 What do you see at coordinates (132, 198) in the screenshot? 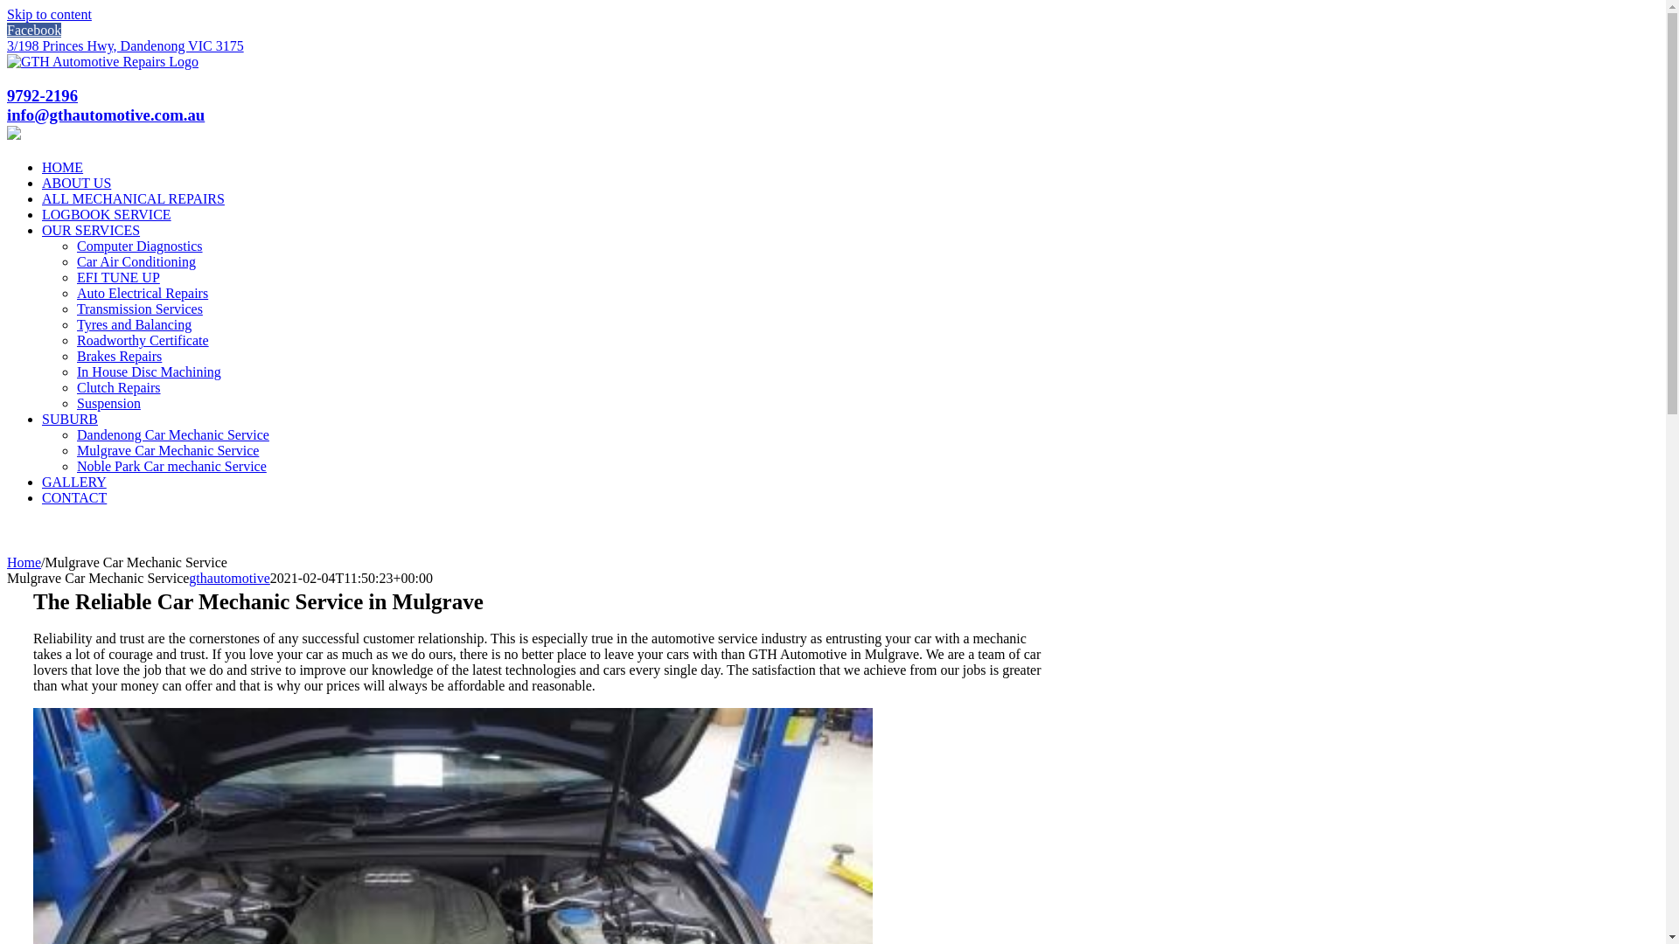
I see `'ALL MECHANICAL REPAIRS'` at bounding box center [132, 198].